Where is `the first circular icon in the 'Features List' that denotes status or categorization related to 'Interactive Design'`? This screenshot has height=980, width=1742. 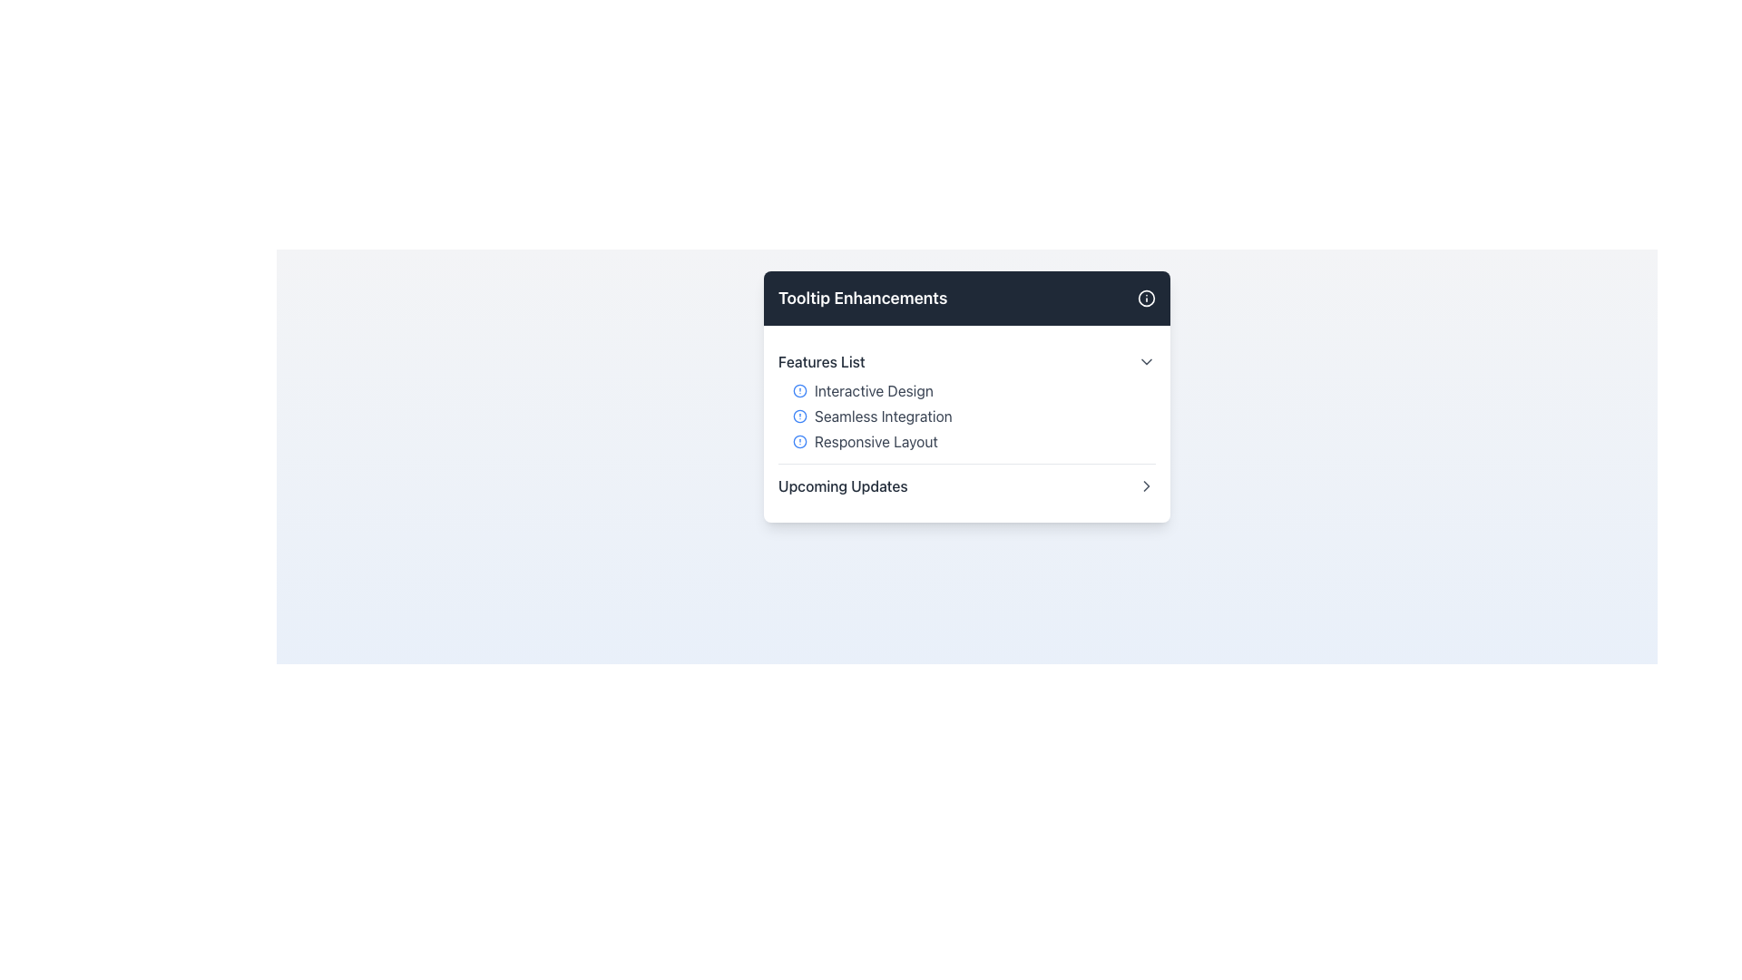
the first circular icon in the 'Features List' that denotes status or categorization related to 'Interactive Design' is located at coordinates (799, 390).